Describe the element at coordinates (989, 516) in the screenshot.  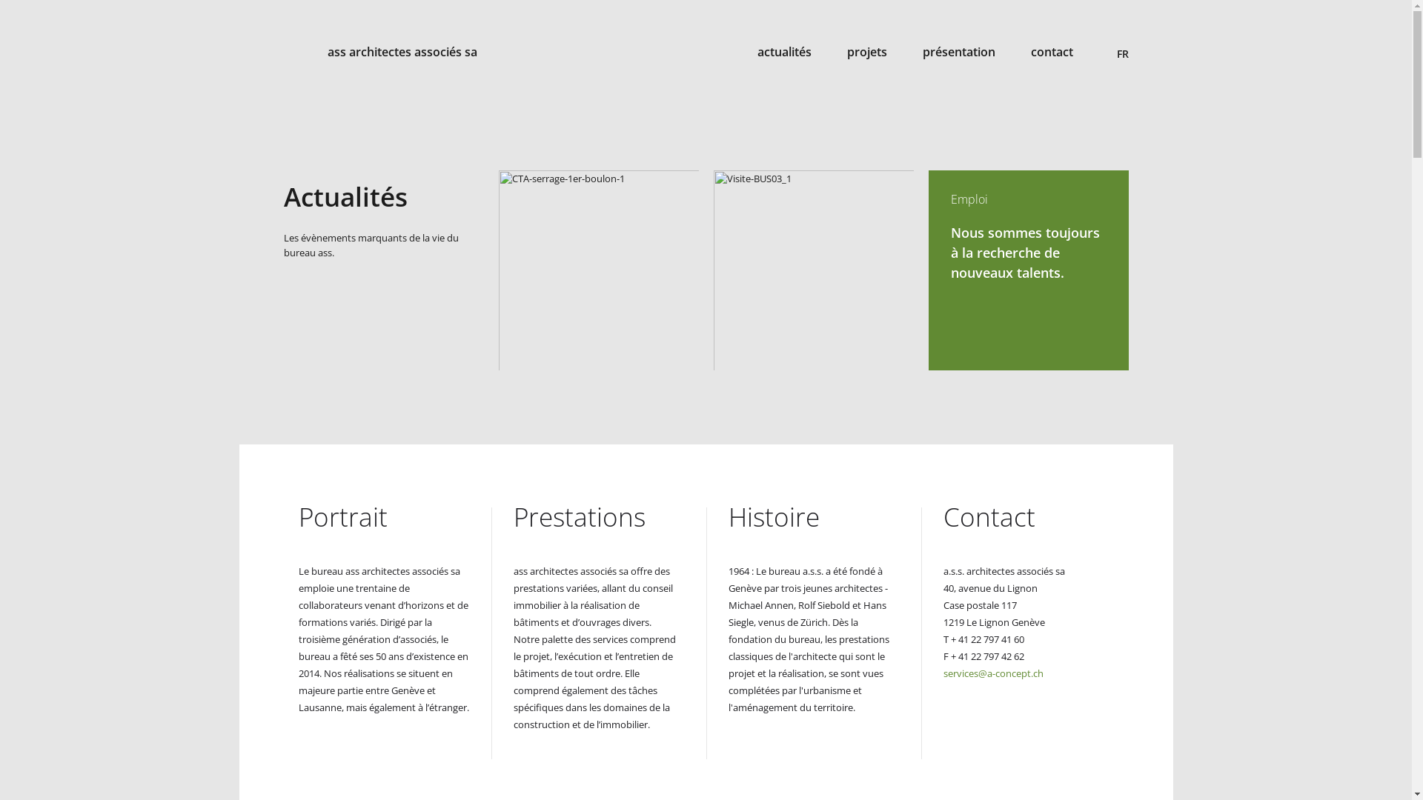
I see `'Contact'` at that location.